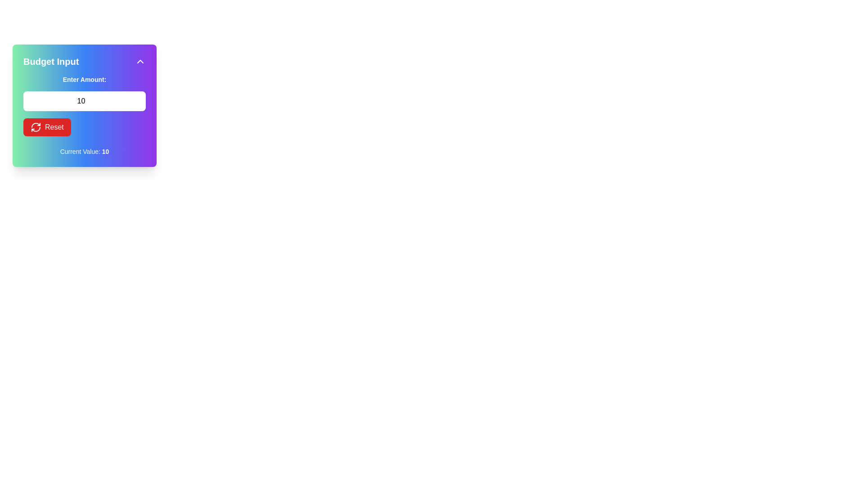 The height and width of the screenshot is (486, 864). Describe the element at coordinates (84, 105) in the screenshot. I see `the number input field within the 'Budget Input' panel for editing the numeric value` at that location.